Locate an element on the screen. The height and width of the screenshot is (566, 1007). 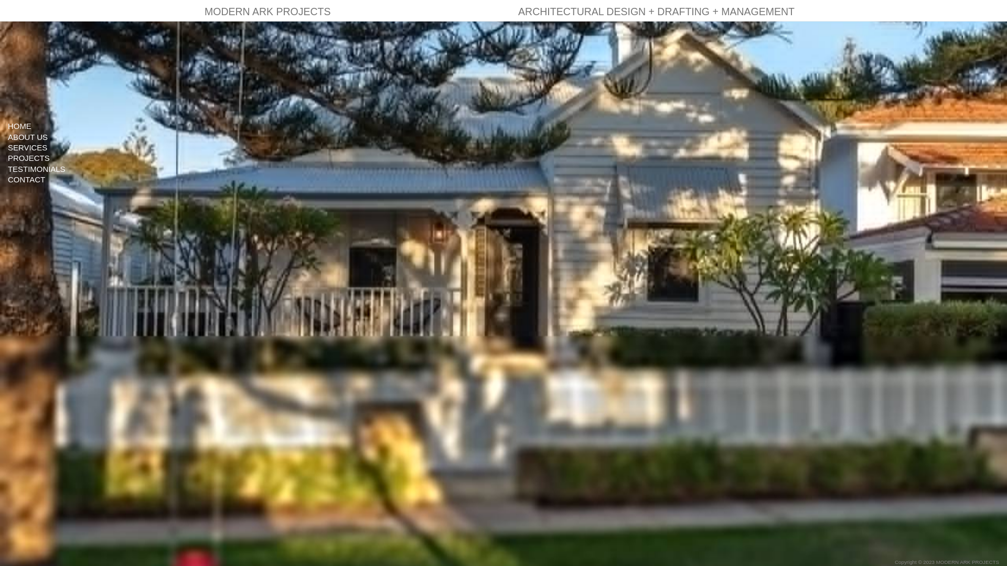
'CONTACT' is located at coordinates (55, 179).